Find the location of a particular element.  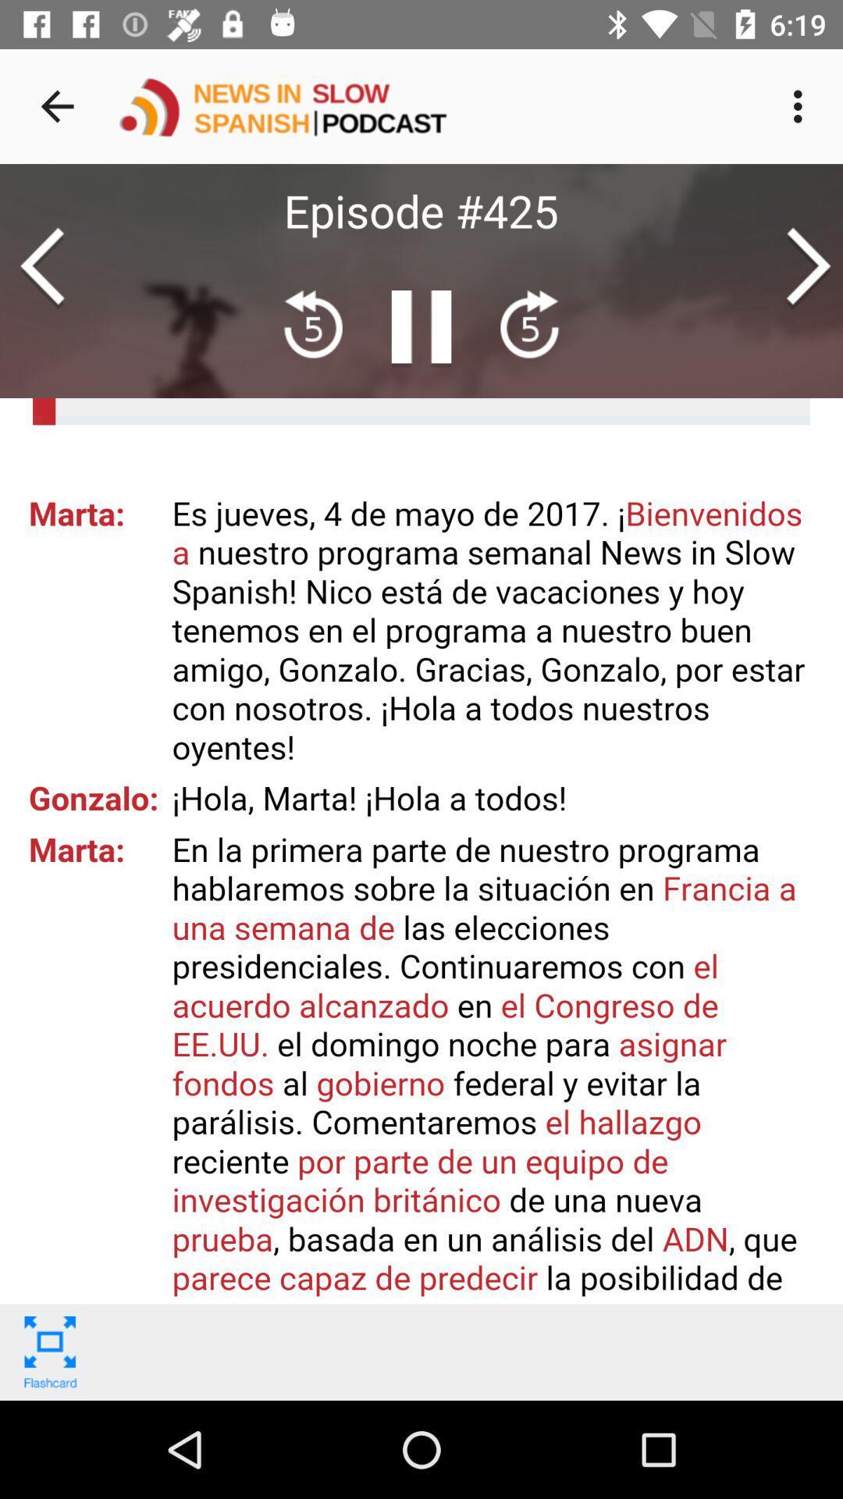

the av_forward icon is located at coordinates (528, 324).